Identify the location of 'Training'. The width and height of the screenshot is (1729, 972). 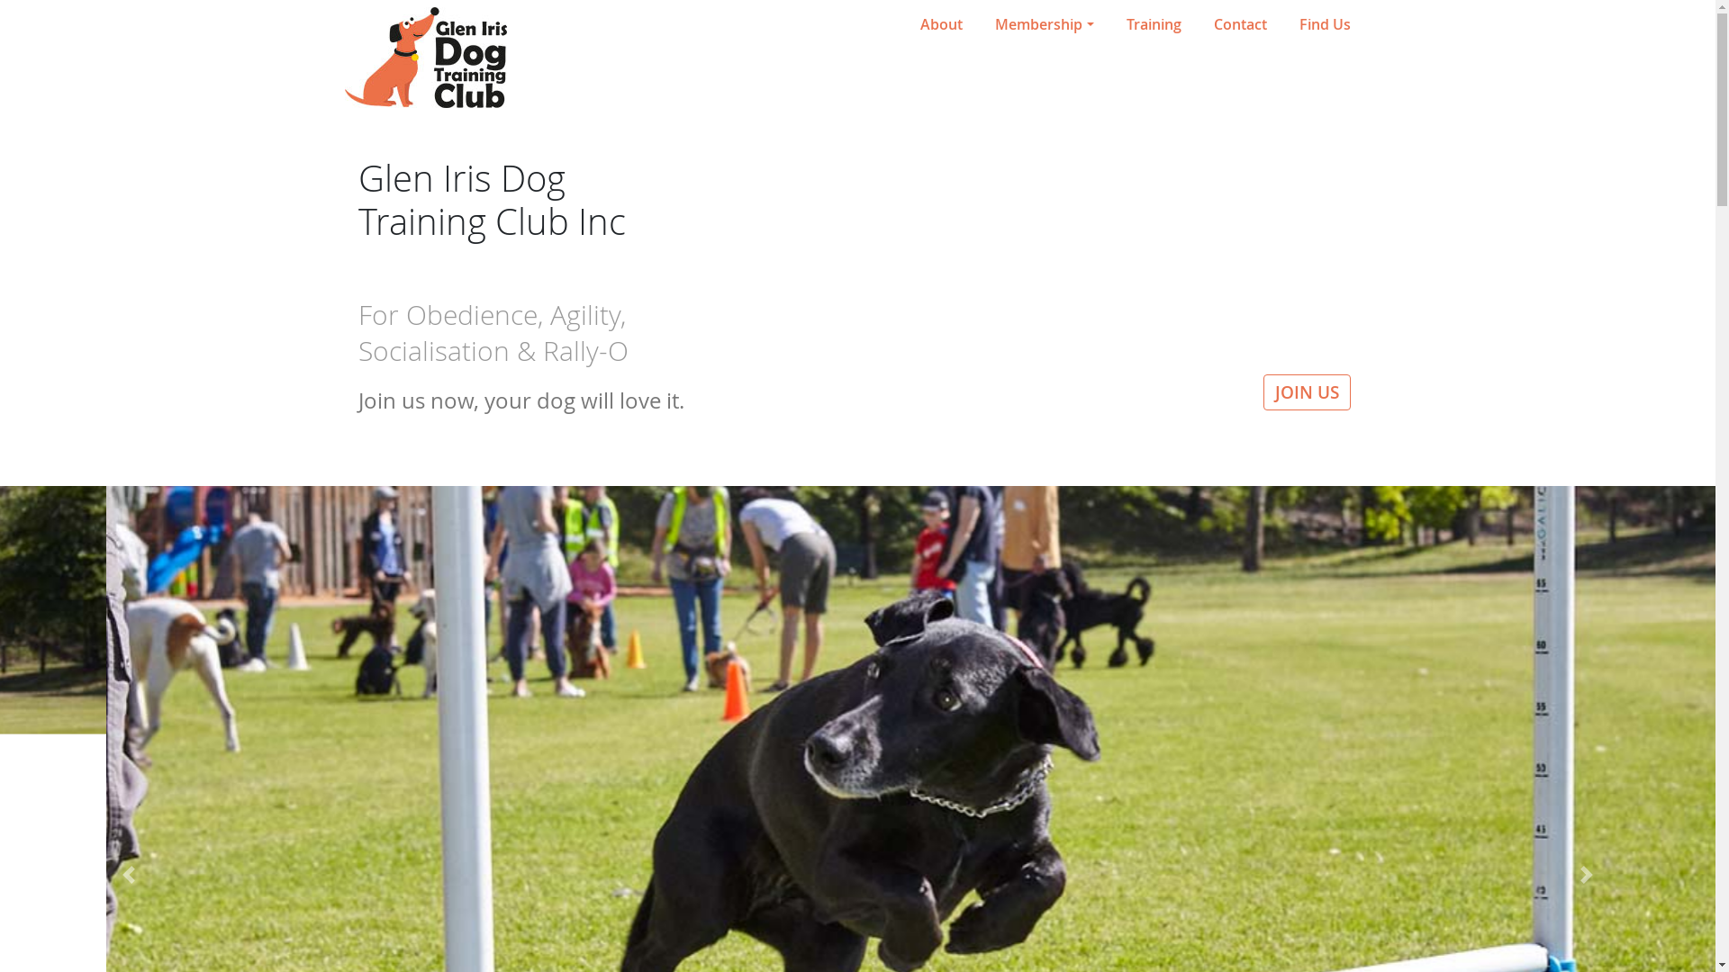
(1153, 24).